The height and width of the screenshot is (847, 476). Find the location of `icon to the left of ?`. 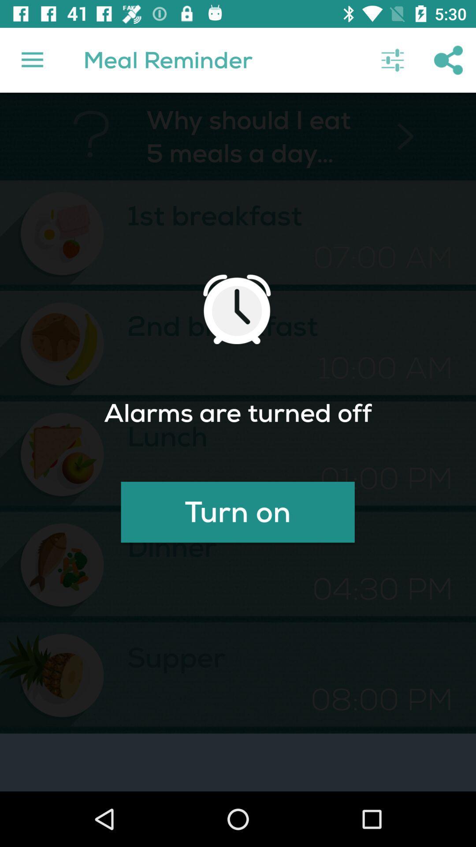

icon to the left of ? is located at coordinates (32, 60).